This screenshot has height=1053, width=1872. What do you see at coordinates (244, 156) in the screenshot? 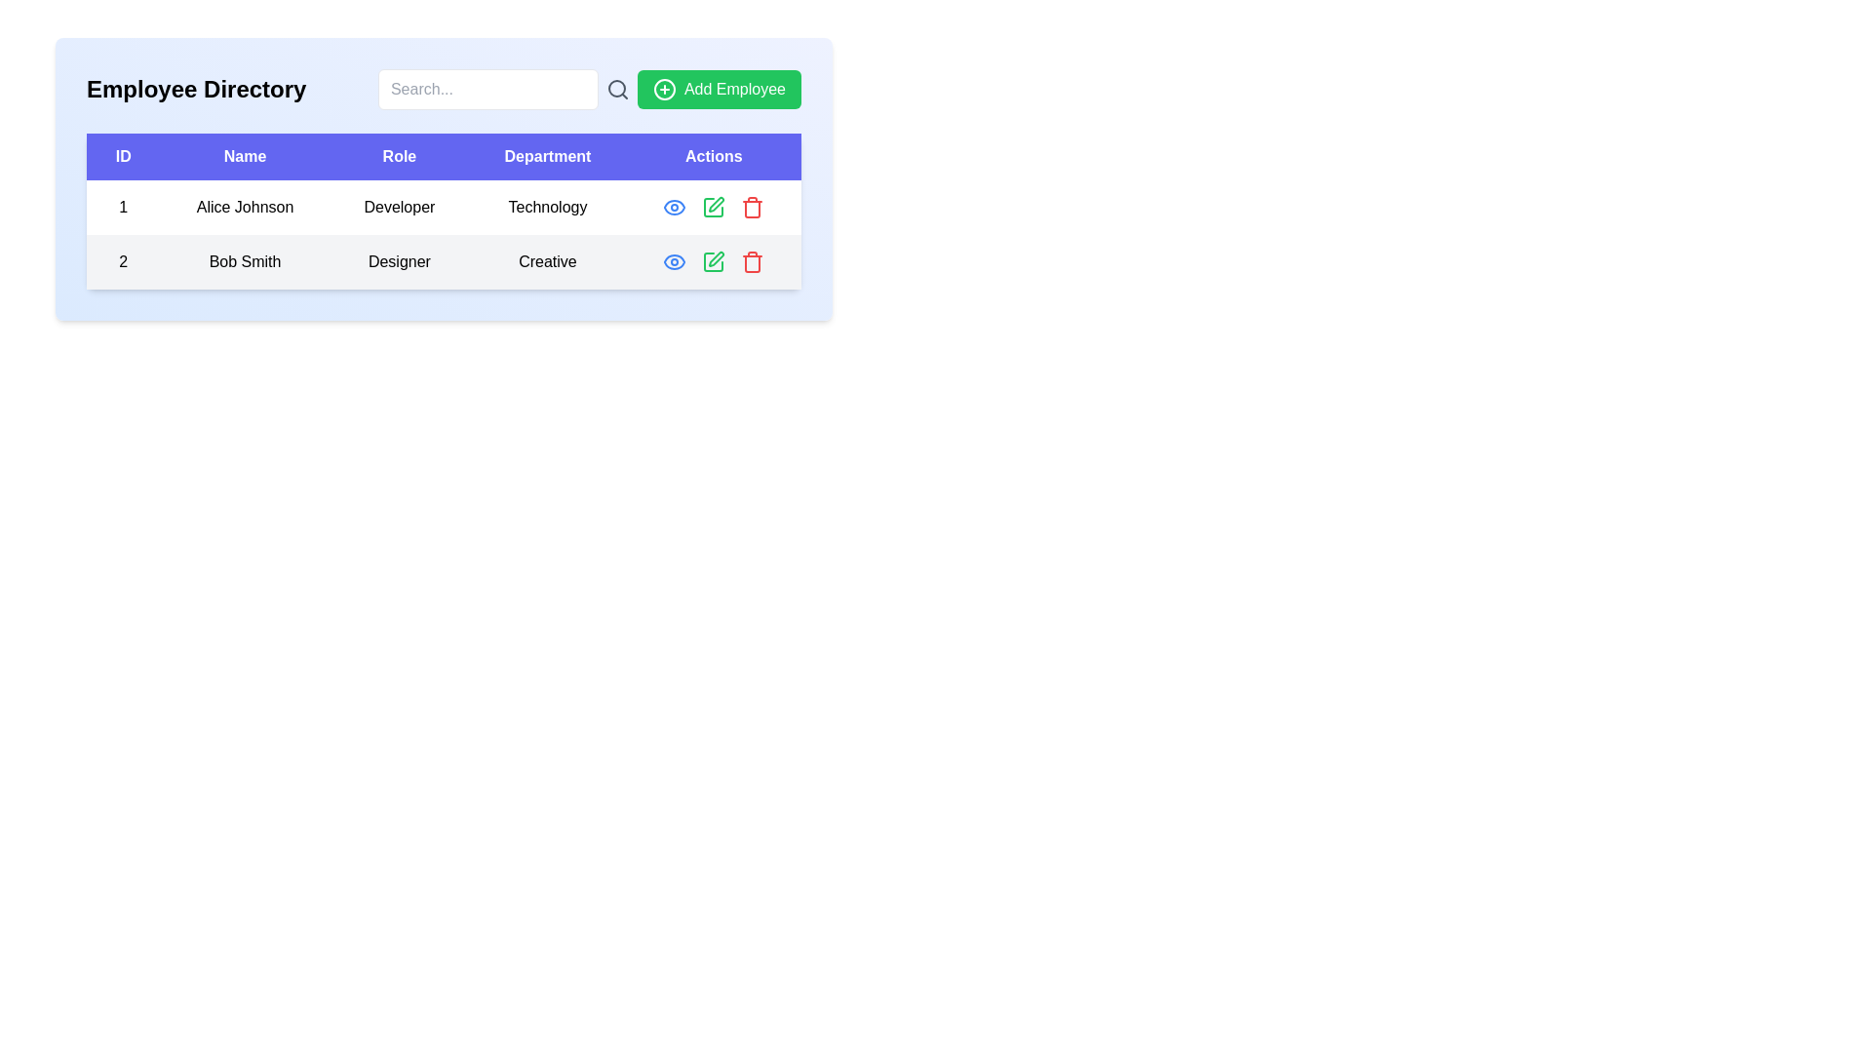
I see `text 'Name' from the second header cell of the table, which has a purple background and white centered text` at bounding box center [244, 156].